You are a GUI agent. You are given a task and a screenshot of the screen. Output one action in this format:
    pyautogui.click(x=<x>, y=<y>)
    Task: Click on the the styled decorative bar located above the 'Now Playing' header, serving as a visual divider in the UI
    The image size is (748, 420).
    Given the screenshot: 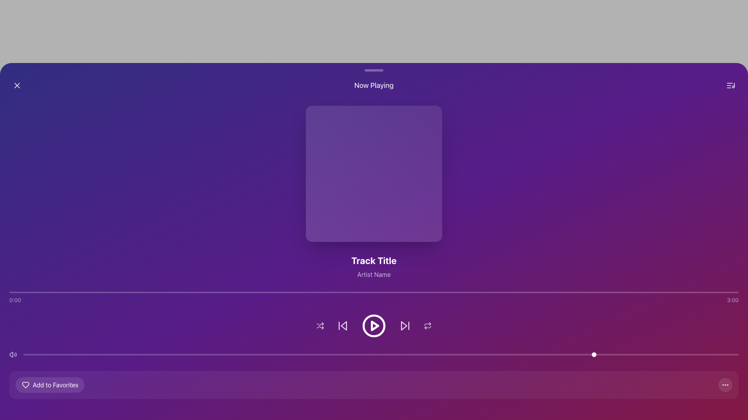 What is the action you would take?
    pyautogui.click(x=374, y=70)
    